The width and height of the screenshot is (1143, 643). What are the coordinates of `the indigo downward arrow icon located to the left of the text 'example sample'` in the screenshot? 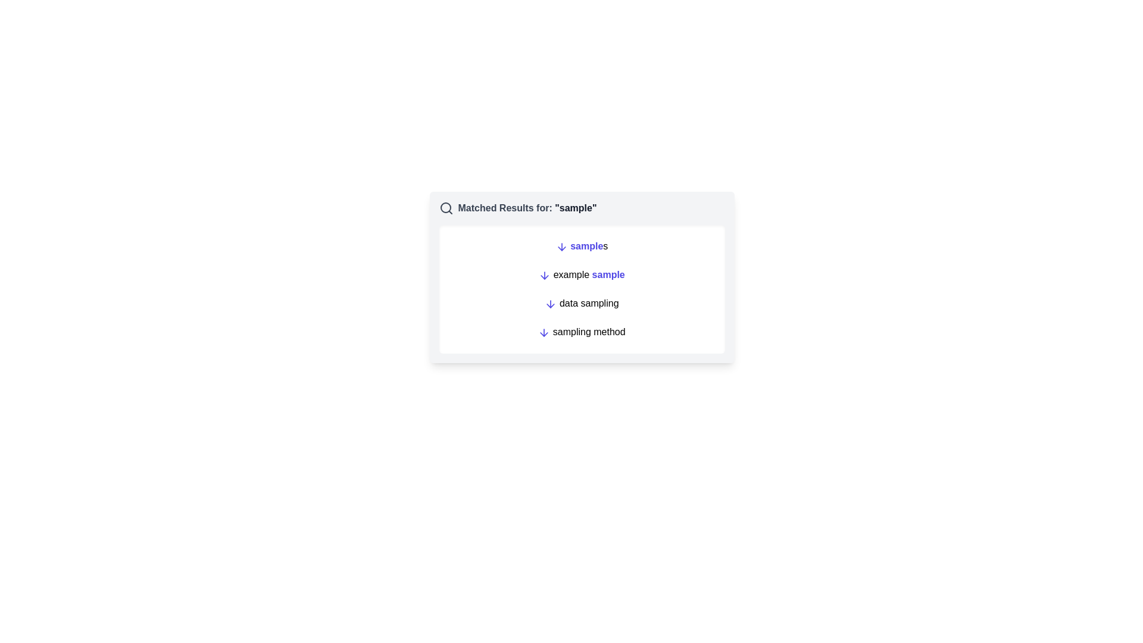 It's located at (544, 275).